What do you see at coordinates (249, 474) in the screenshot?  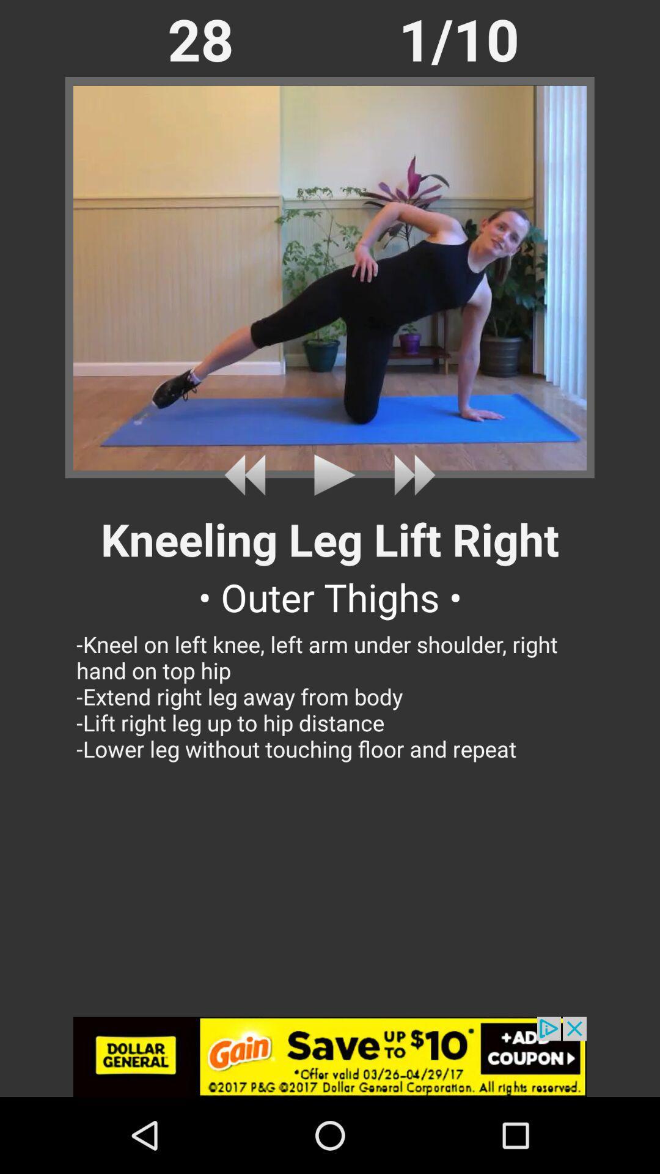 I see `previous step` at bounding box center [249, 474].